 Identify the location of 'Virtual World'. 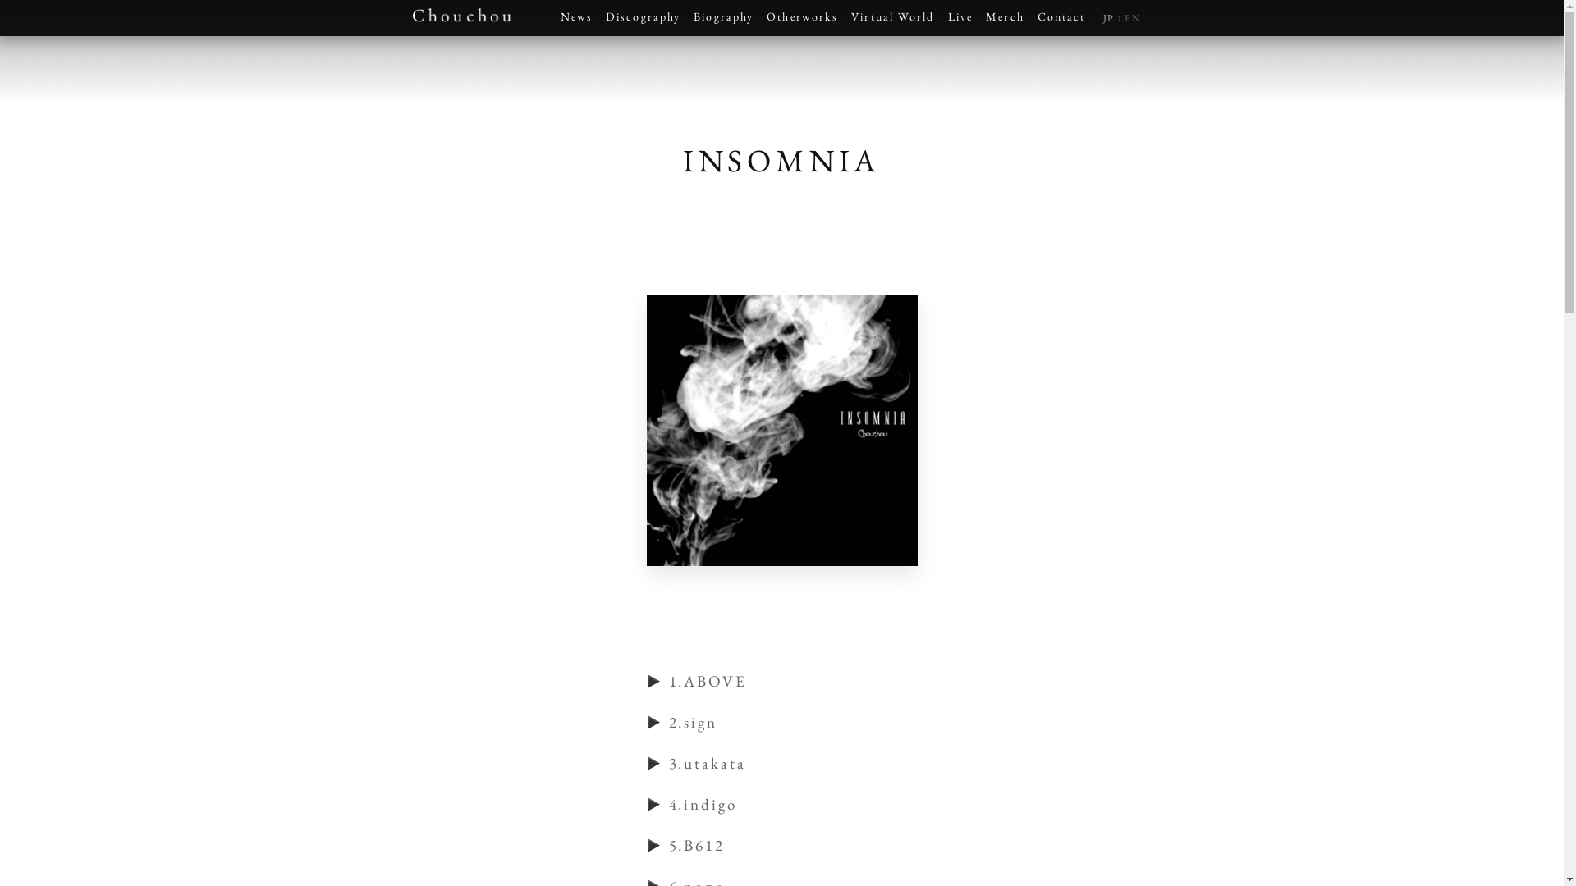
(891, 17).